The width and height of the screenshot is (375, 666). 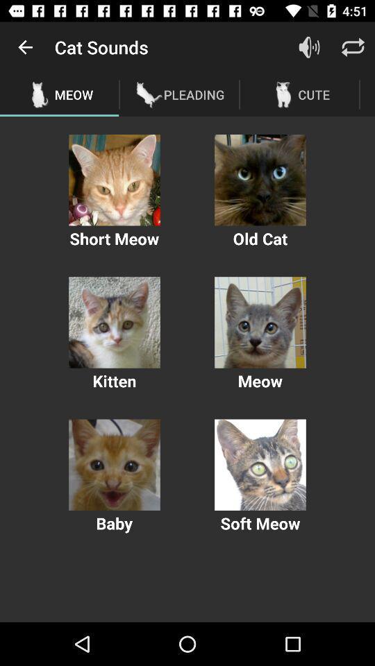 What do you see at coordinates (309, 47) in the screenshot?
I see `disable sound` at bounding box center [309, 47].